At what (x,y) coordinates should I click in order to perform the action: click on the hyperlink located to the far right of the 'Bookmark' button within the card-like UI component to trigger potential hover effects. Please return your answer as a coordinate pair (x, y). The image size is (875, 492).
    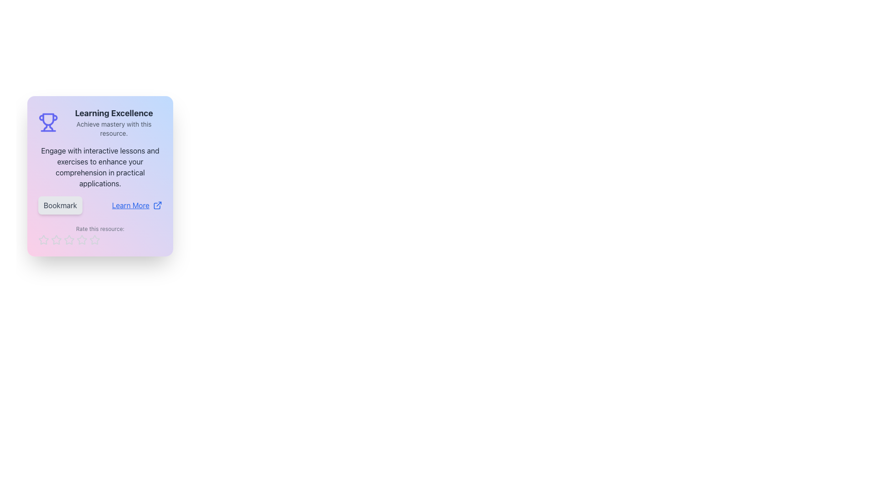
    Looking at the image, I should click on (137, 205).